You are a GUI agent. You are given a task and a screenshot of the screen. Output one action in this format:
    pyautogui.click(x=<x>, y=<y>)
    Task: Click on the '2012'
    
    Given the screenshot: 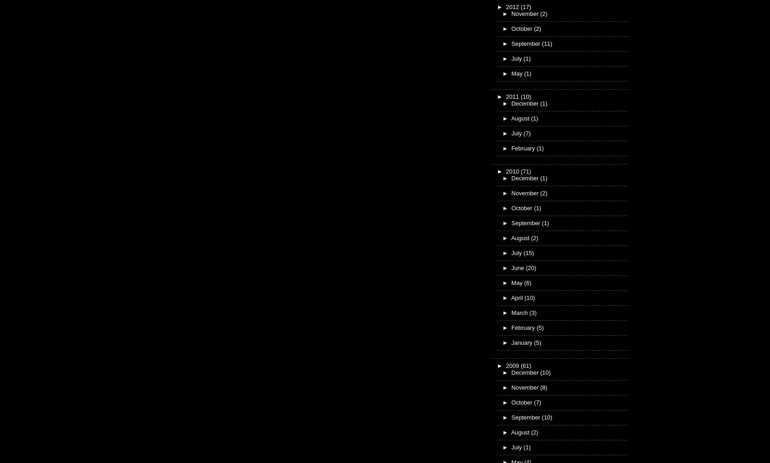 What is the action you would take?
    pyautogui.click(x=513, y=6)
    